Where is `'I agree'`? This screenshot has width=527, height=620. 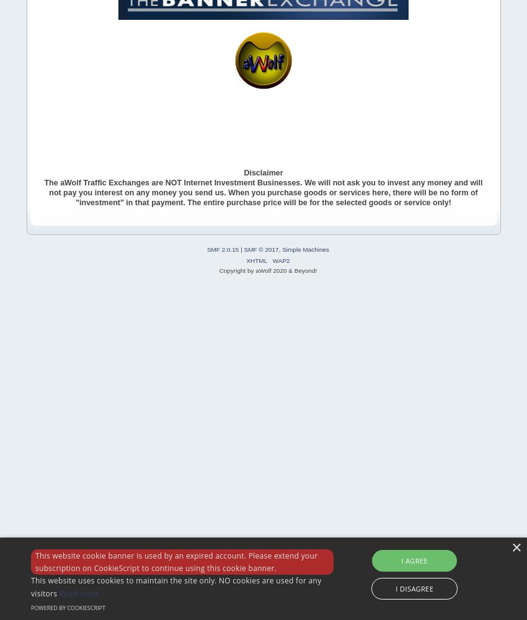
'I agree' is located at coordinates (414, 560).